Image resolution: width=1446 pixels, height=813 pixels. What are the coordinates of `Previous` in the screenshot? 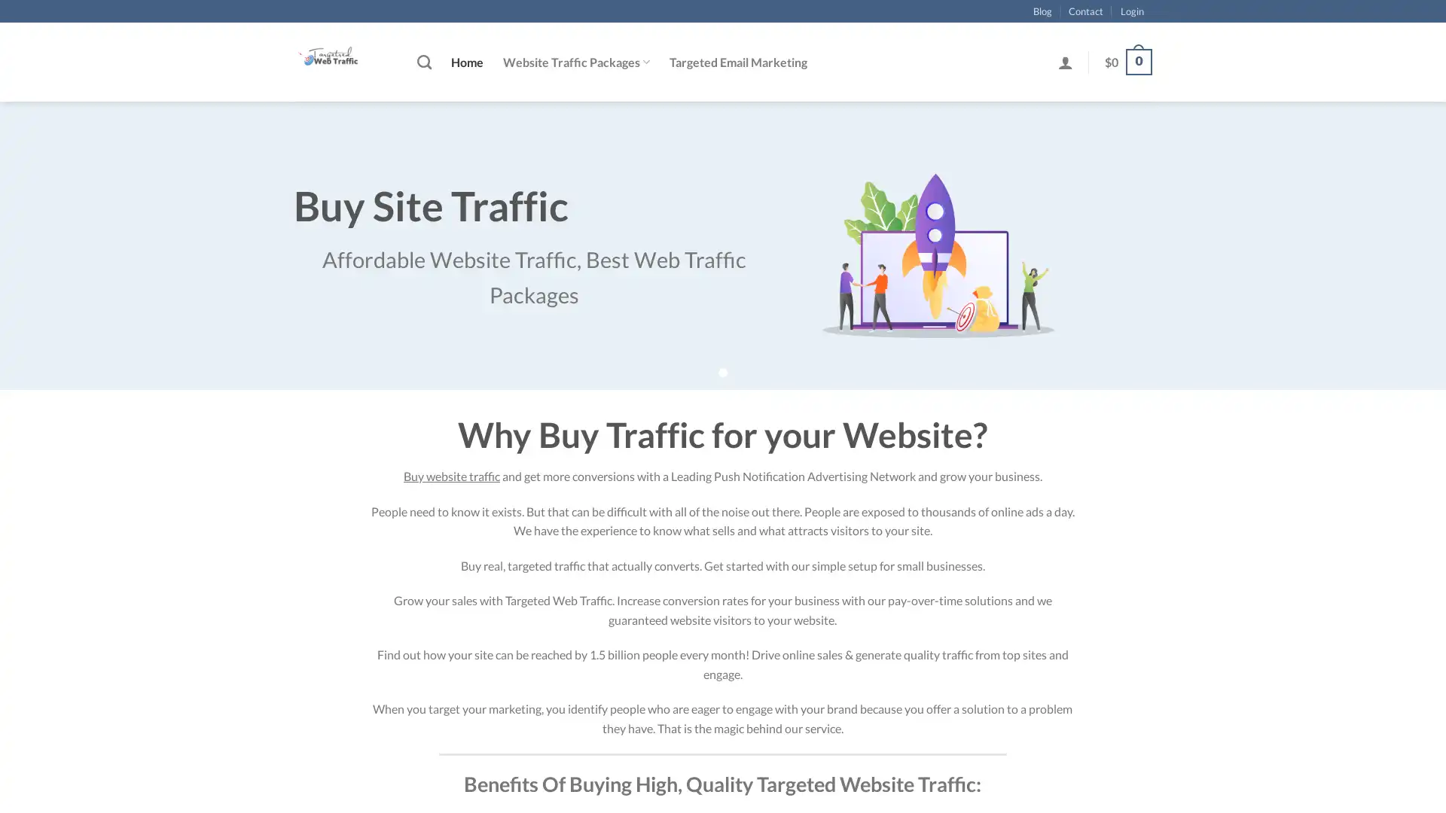 It's located at (47, 266).